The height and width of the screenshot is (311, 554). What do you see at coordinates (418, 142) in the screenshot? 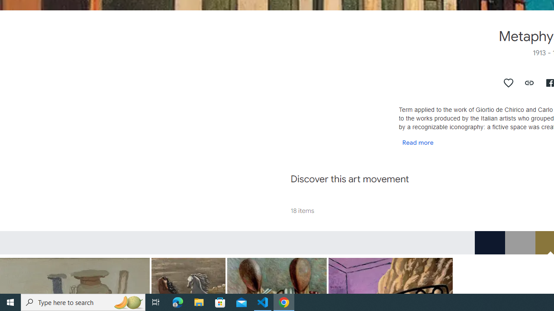
I see `'Read more'` at bounding box center [418, 142].